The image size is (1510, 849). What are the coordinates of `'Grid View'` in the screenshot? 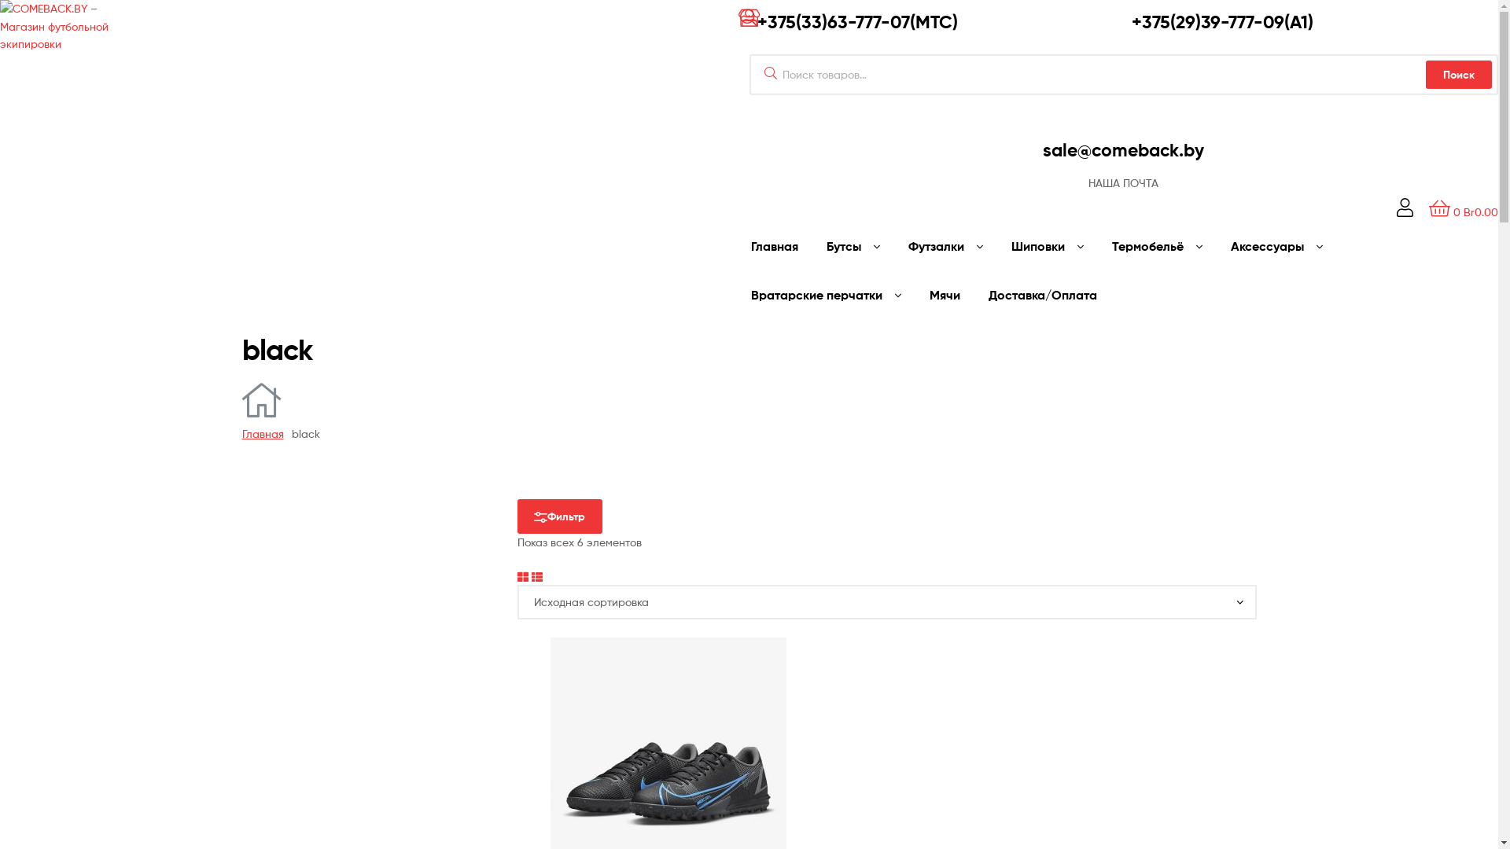 It's located at (523, 575).